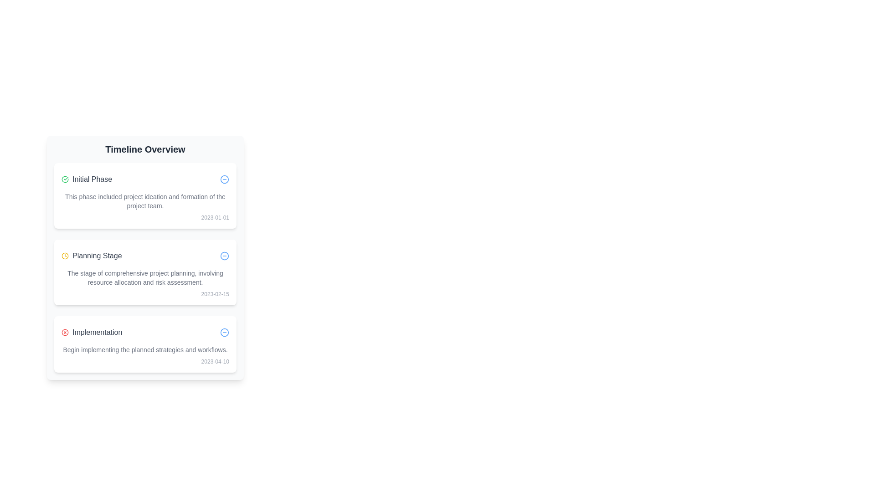  I want to click on label 'Planning Stage' with a yellow clock icon, which is the second element under 'Timeline Overview', so click(92, 256).